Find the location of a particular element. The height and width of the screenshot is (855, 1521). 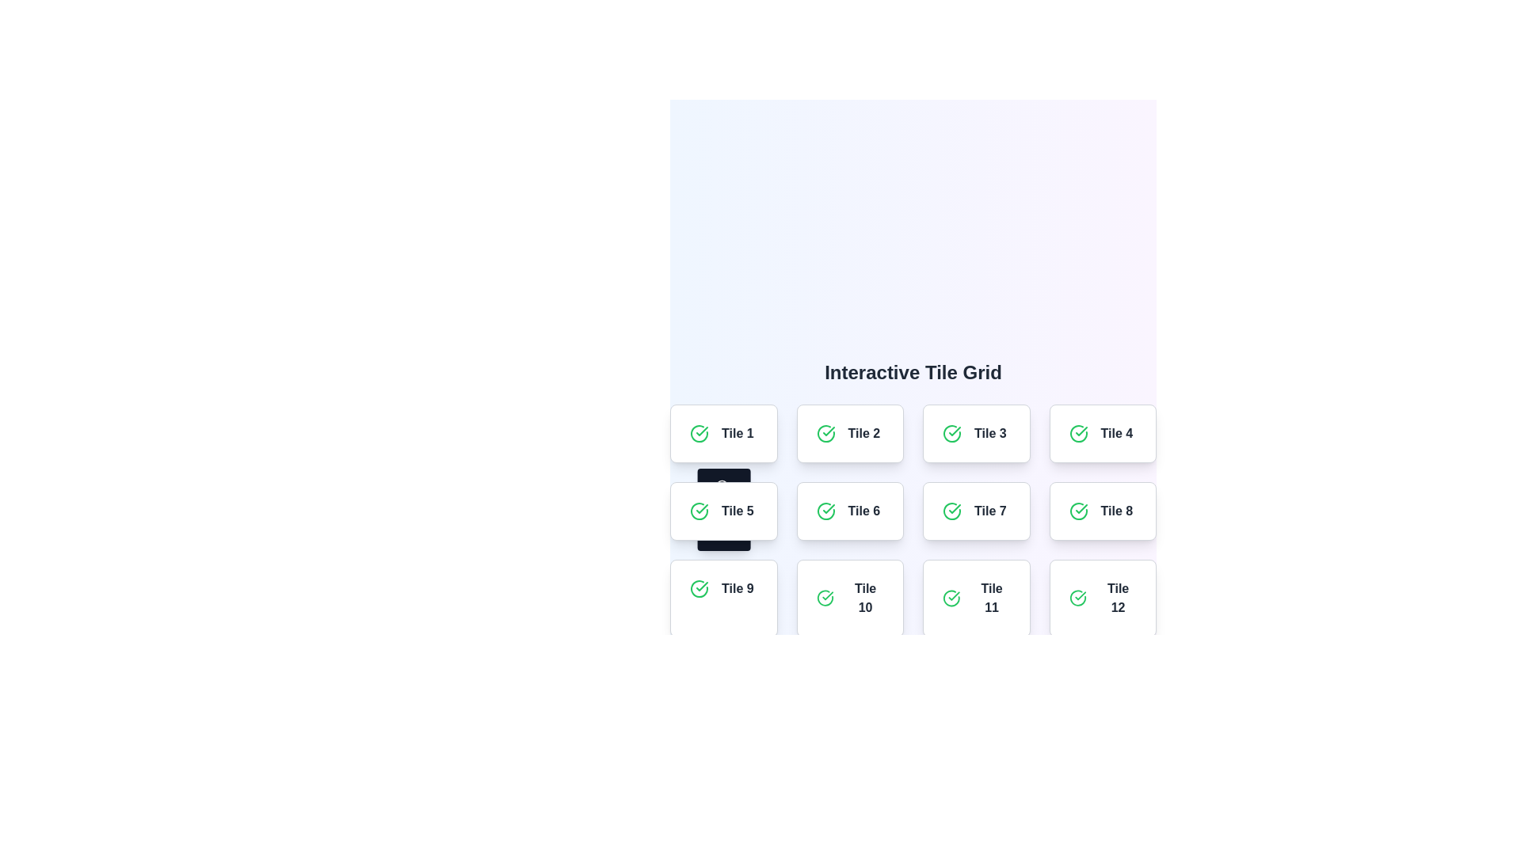

text label located in the fourth row, second column of a 4x3 grid layout, right-aligned to an icon on its left is located at coordinates (864, 598).